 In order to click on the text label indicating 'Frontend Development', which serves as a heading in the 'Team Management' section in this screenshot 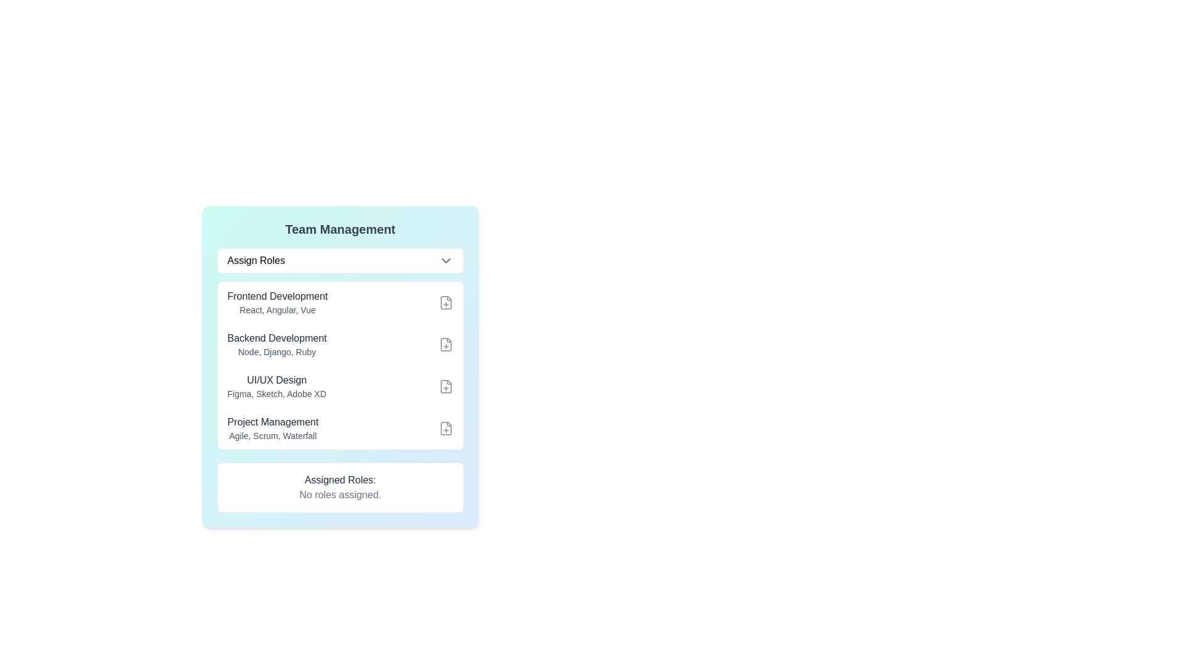, I will do `click(276, 297)`.